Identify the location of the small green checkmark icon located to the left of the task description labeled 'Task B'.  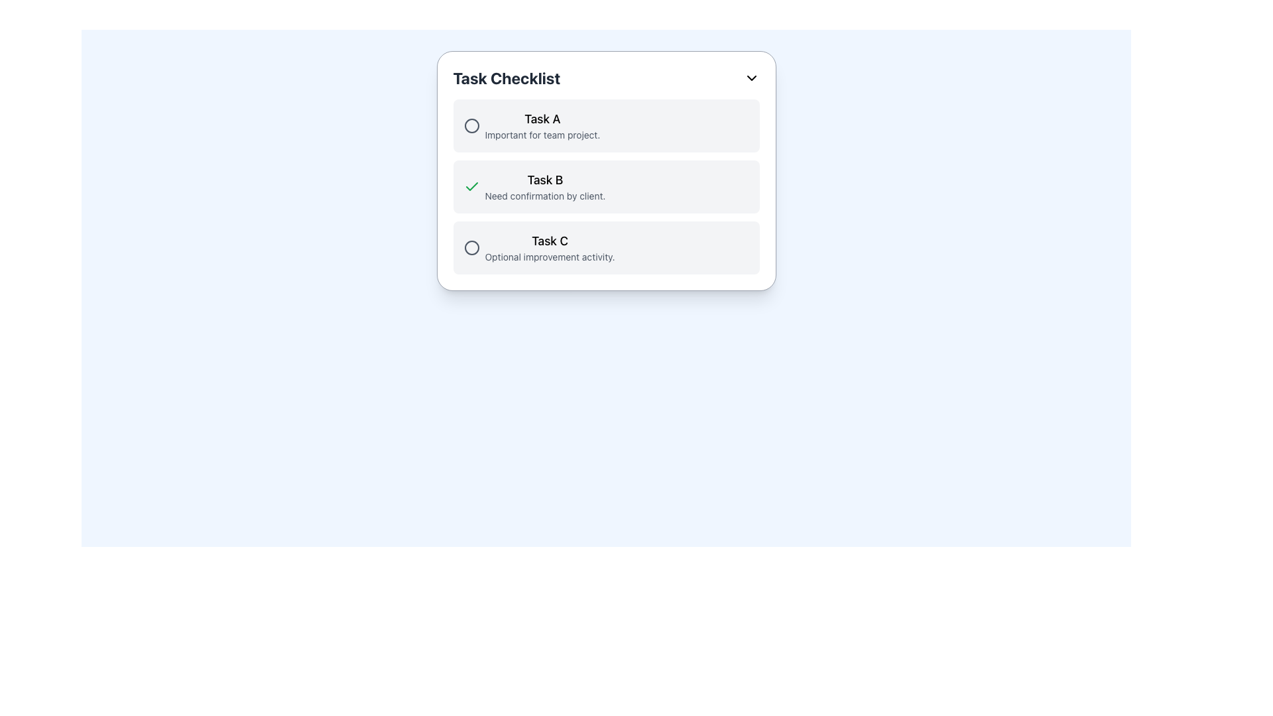
(471, 186).